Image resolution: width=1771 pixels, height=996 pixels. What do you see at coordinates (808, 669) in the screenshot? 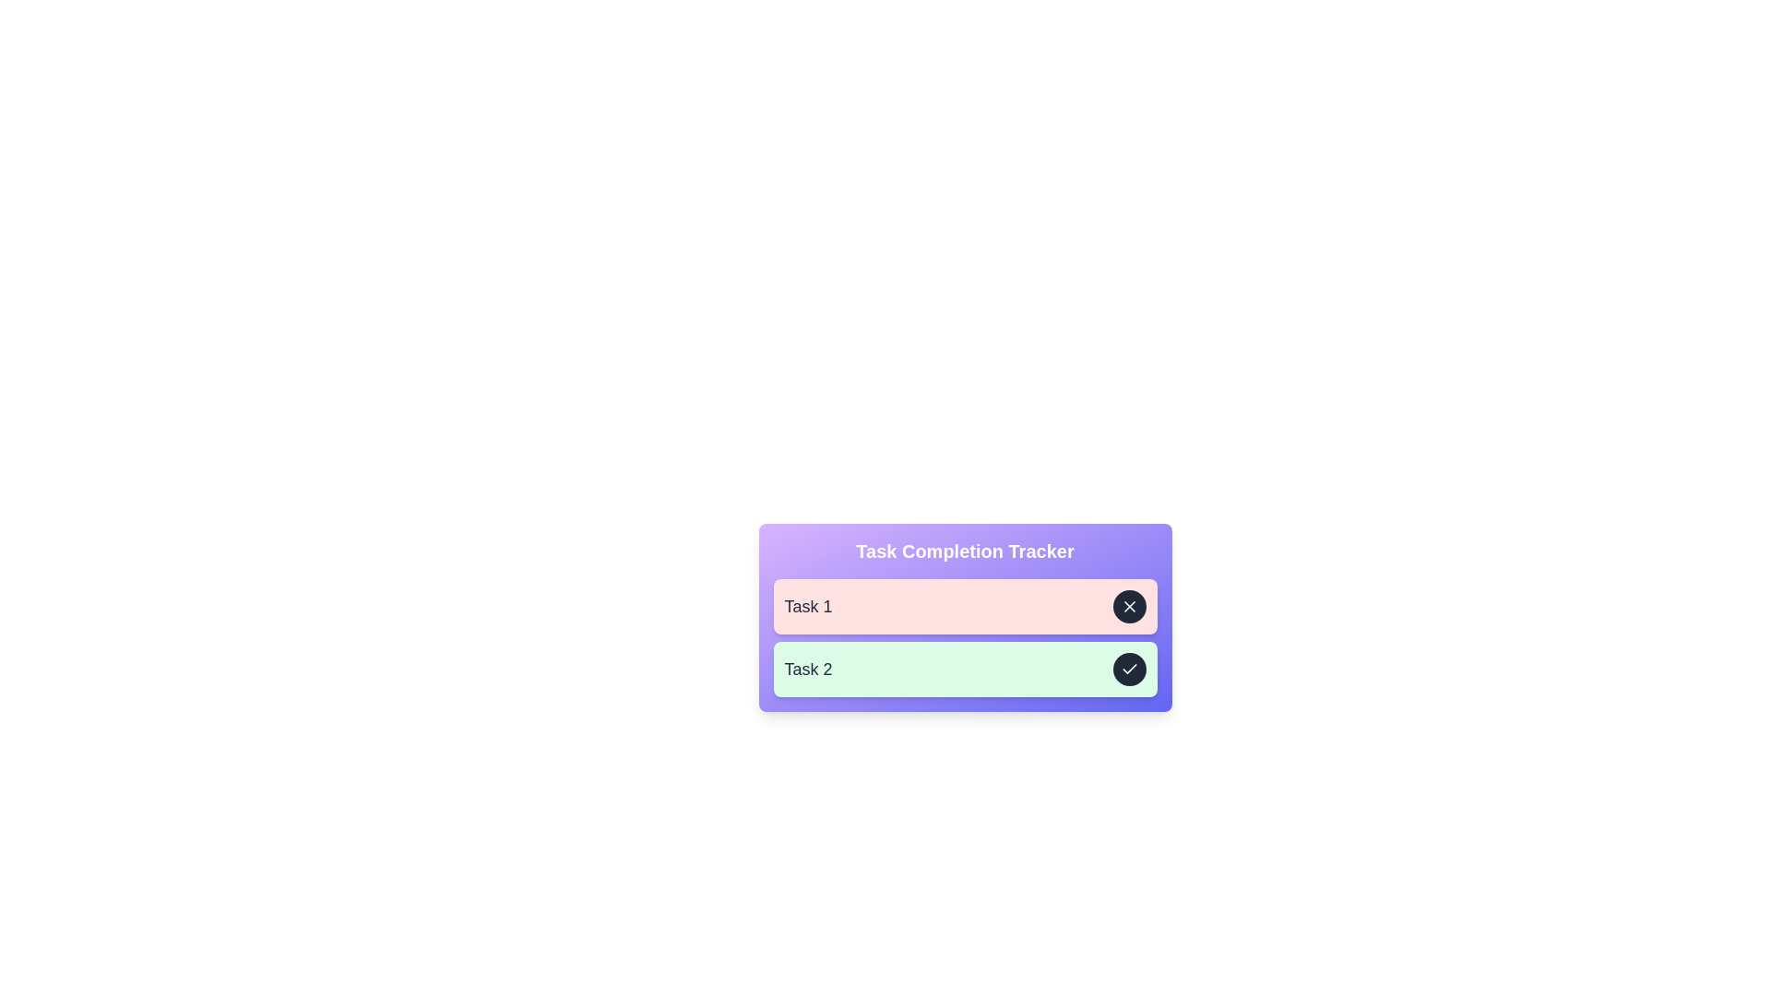
I see `the Text label displaying the title of the second task in the task list` at bounding box center [808, 669].